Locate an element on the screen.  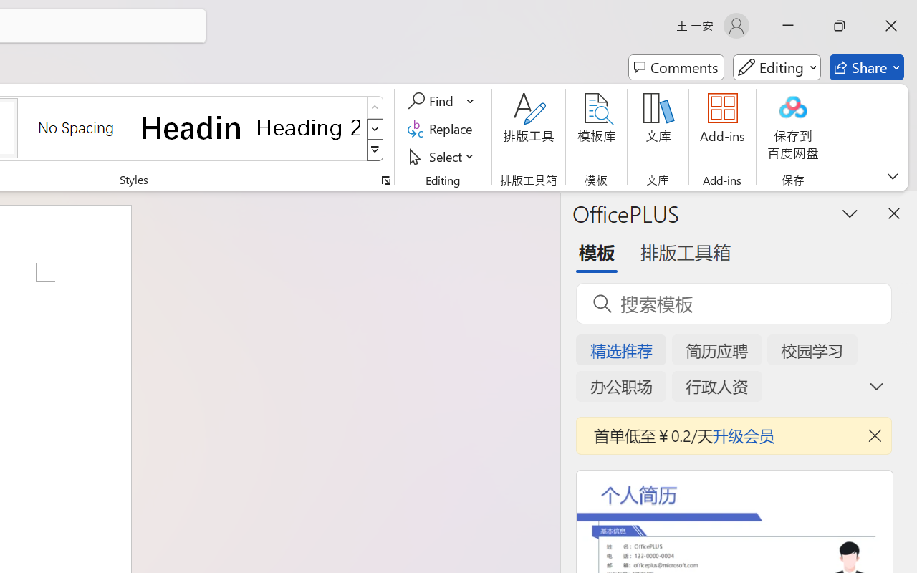
'Row Down' is located at coordinates (375, 128).